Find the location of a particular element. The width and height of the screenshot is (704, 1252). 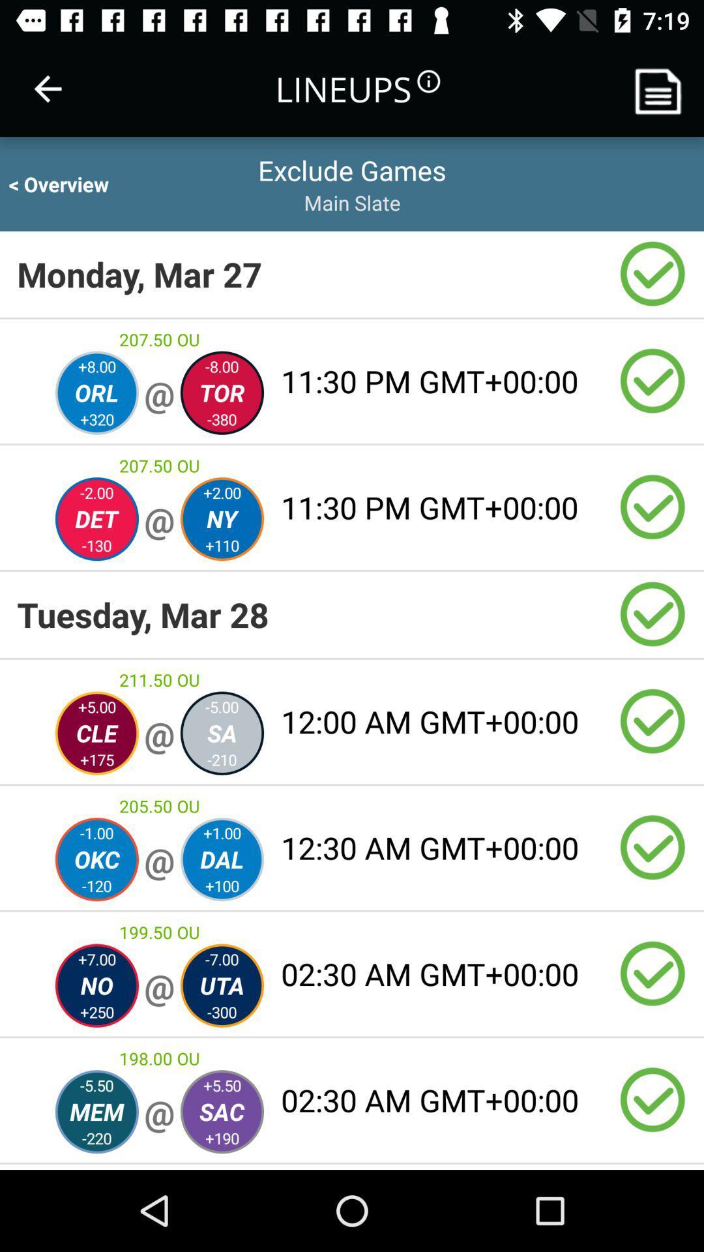

the sixth check mark is located at coordinates (653, 848).